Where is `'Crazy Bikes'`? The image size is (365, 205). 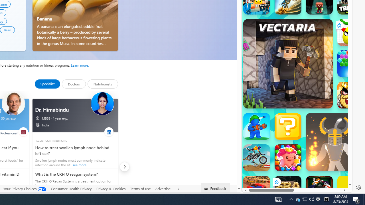 'Crazy Bikes' is located at coordinates (256, 158).